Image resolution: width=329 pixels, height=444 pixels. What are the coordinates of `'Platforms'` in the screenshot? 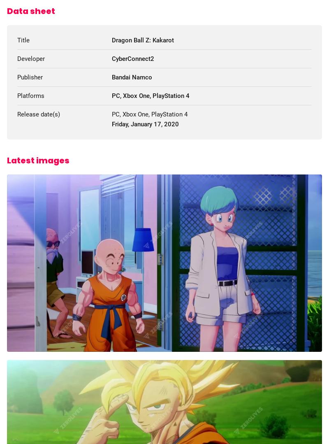 It's located at (17, 95).